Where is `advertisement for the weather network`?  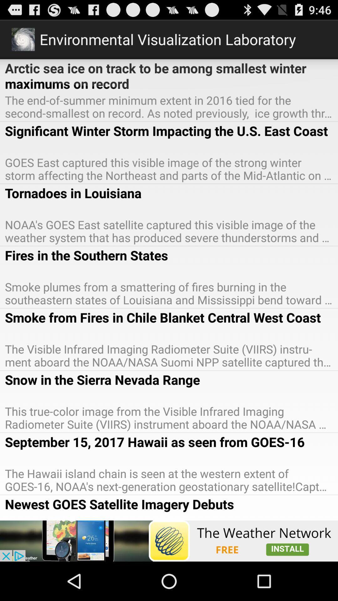
advertisement for the weather network is located at coordinates (169, 541).